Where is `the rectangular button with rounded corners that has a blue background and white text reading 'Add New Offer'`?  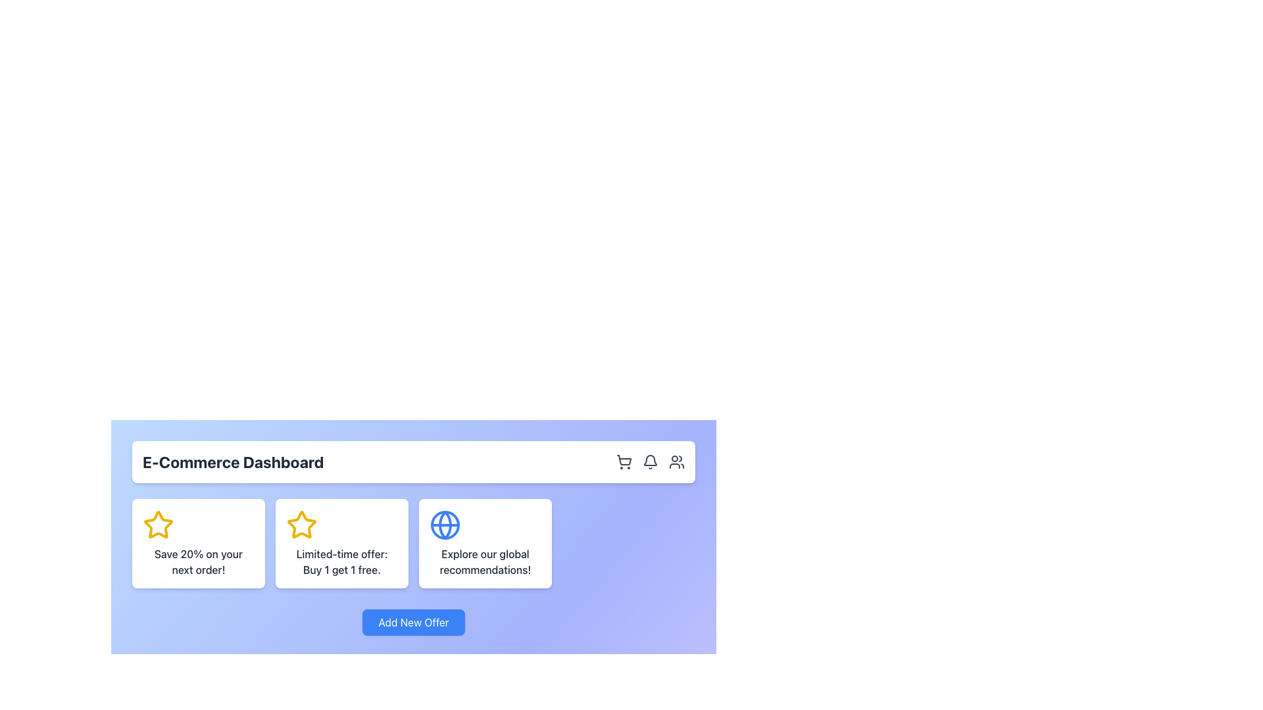
the rectangular button with rounded corners that has a blue background and white text reading 'Add New Offer' is located at coordinates (412, 622).